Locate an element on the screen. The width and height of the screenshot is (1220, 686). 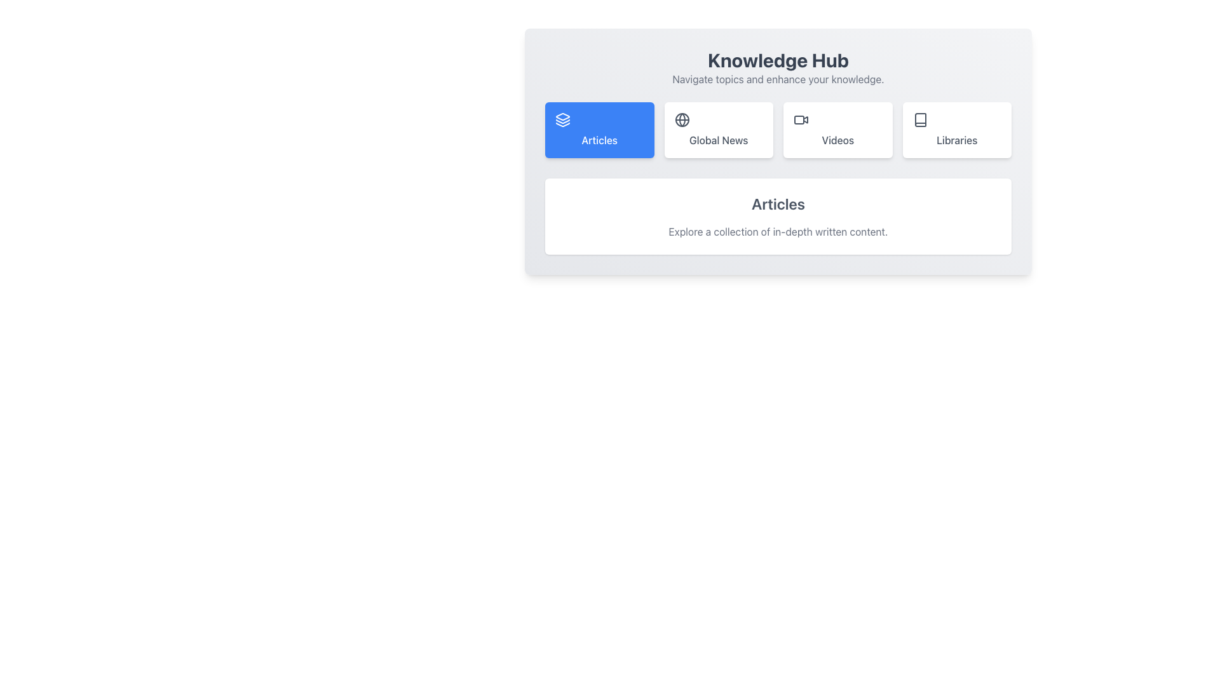
the 'Articles' icon located on the leftmost side of the icon group, which includes 'Global News', 'Videos', and 'Libraries' is located at coordinates (562, 117).